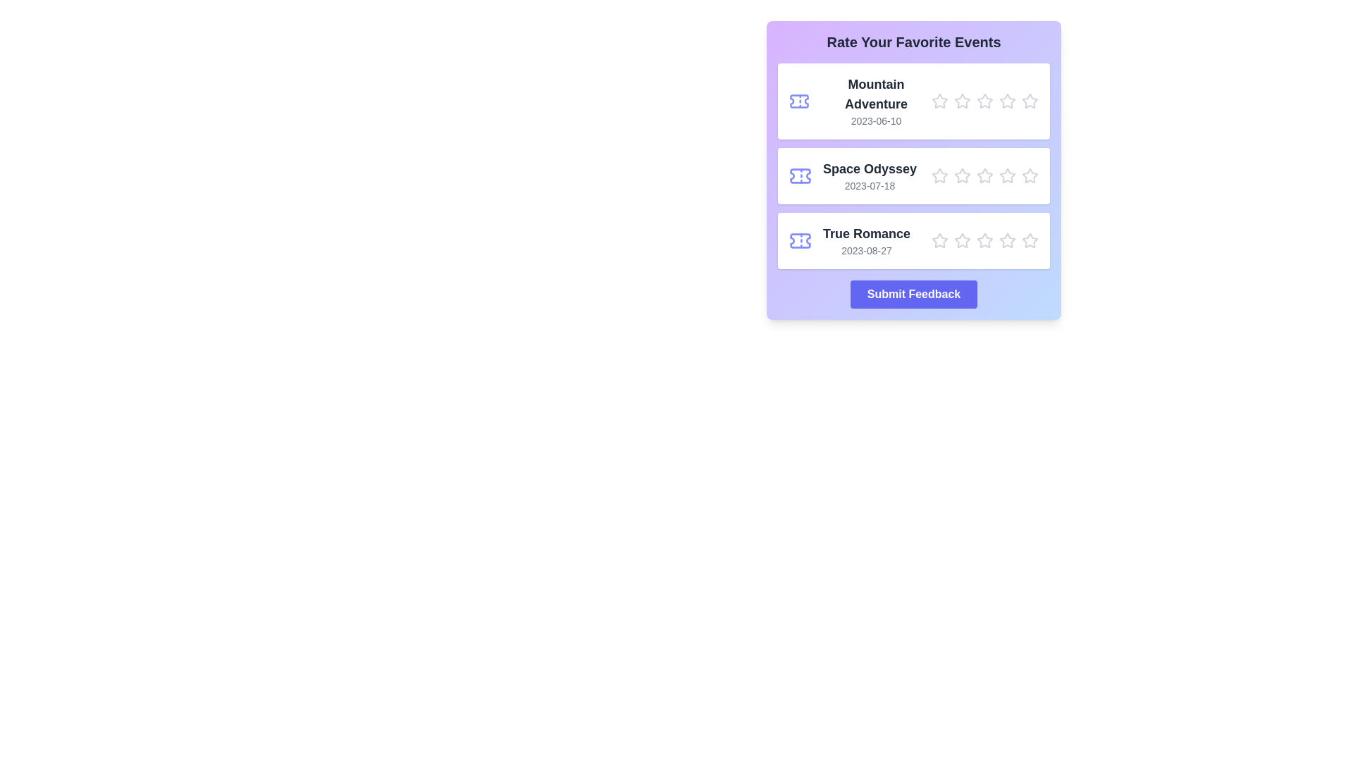 The height and width of the screenshot is (761, 1353). What do you see at coordinates (798, 100) in the screenshot?
I see `the ticket icon for the movie Mountain Adventure` at bounding box center [798, 100].